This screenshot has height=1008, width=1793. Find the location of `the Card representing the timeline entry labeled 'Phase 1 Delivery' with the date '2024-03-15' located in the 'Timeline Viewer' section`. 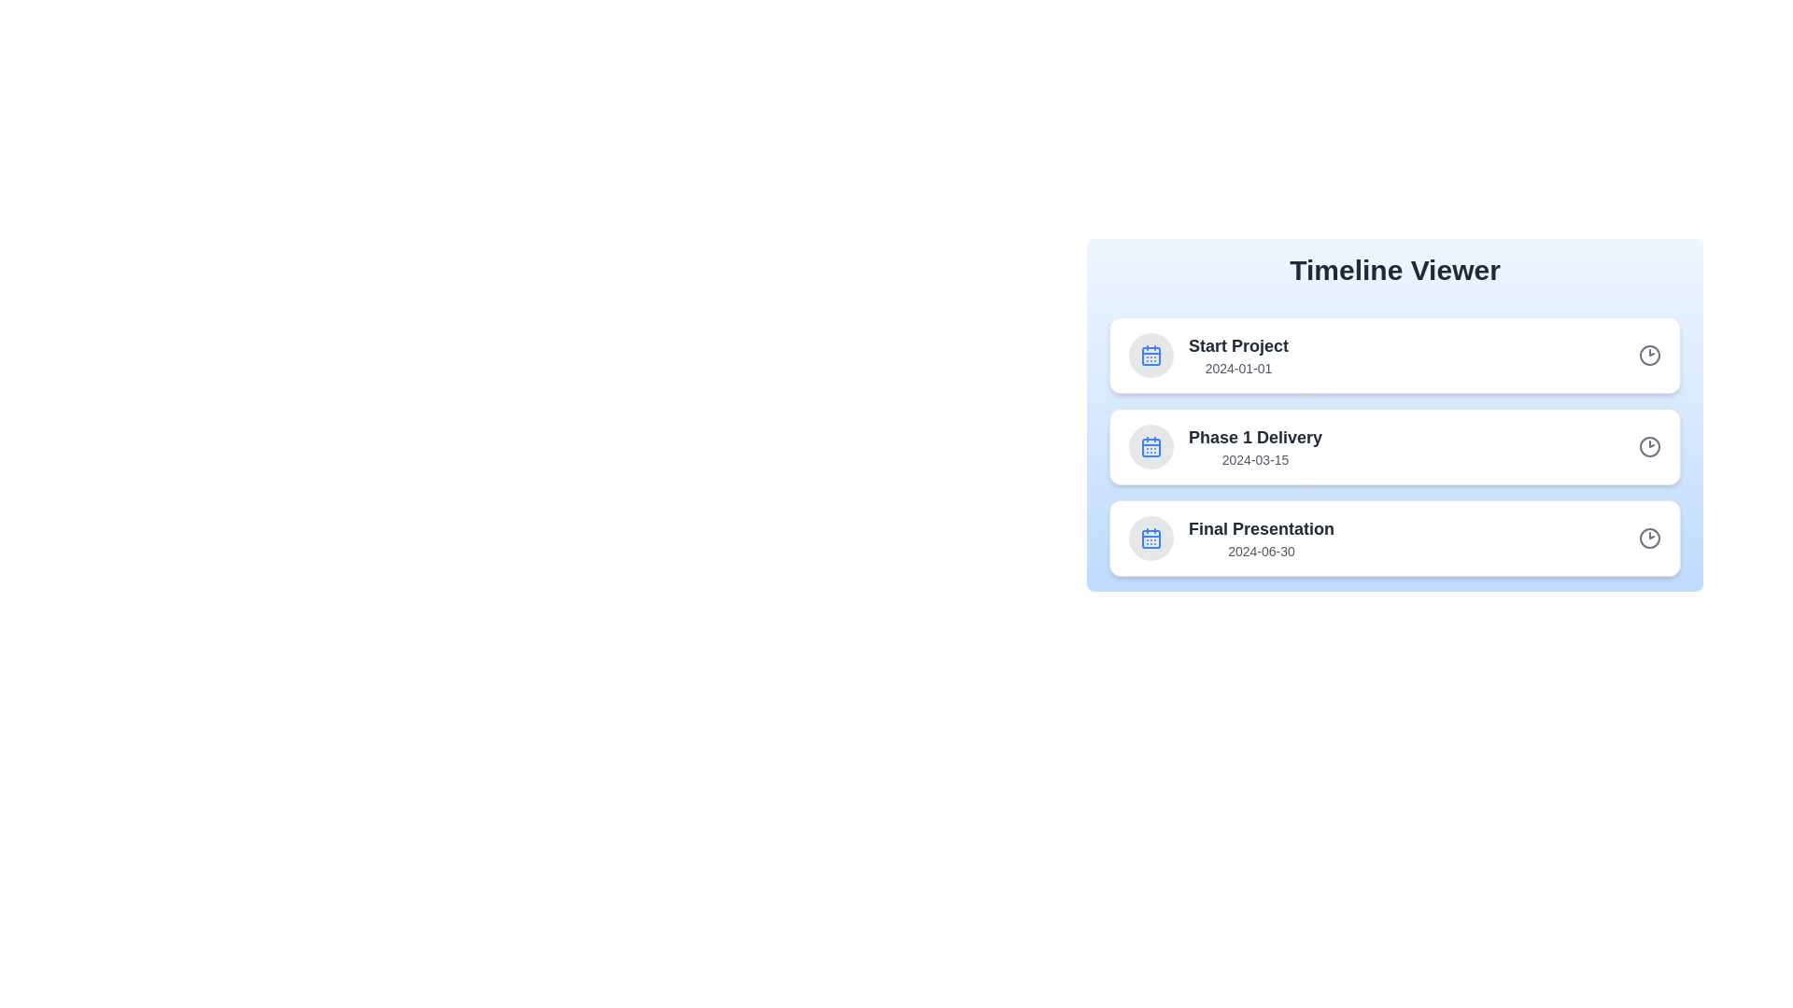

the Card representing the timeline entry labeled 'Phase 1 Delivery' with the date '2024-03-15' located in the 'Timeline Viewer' section is located at coordinates (1394, 446).